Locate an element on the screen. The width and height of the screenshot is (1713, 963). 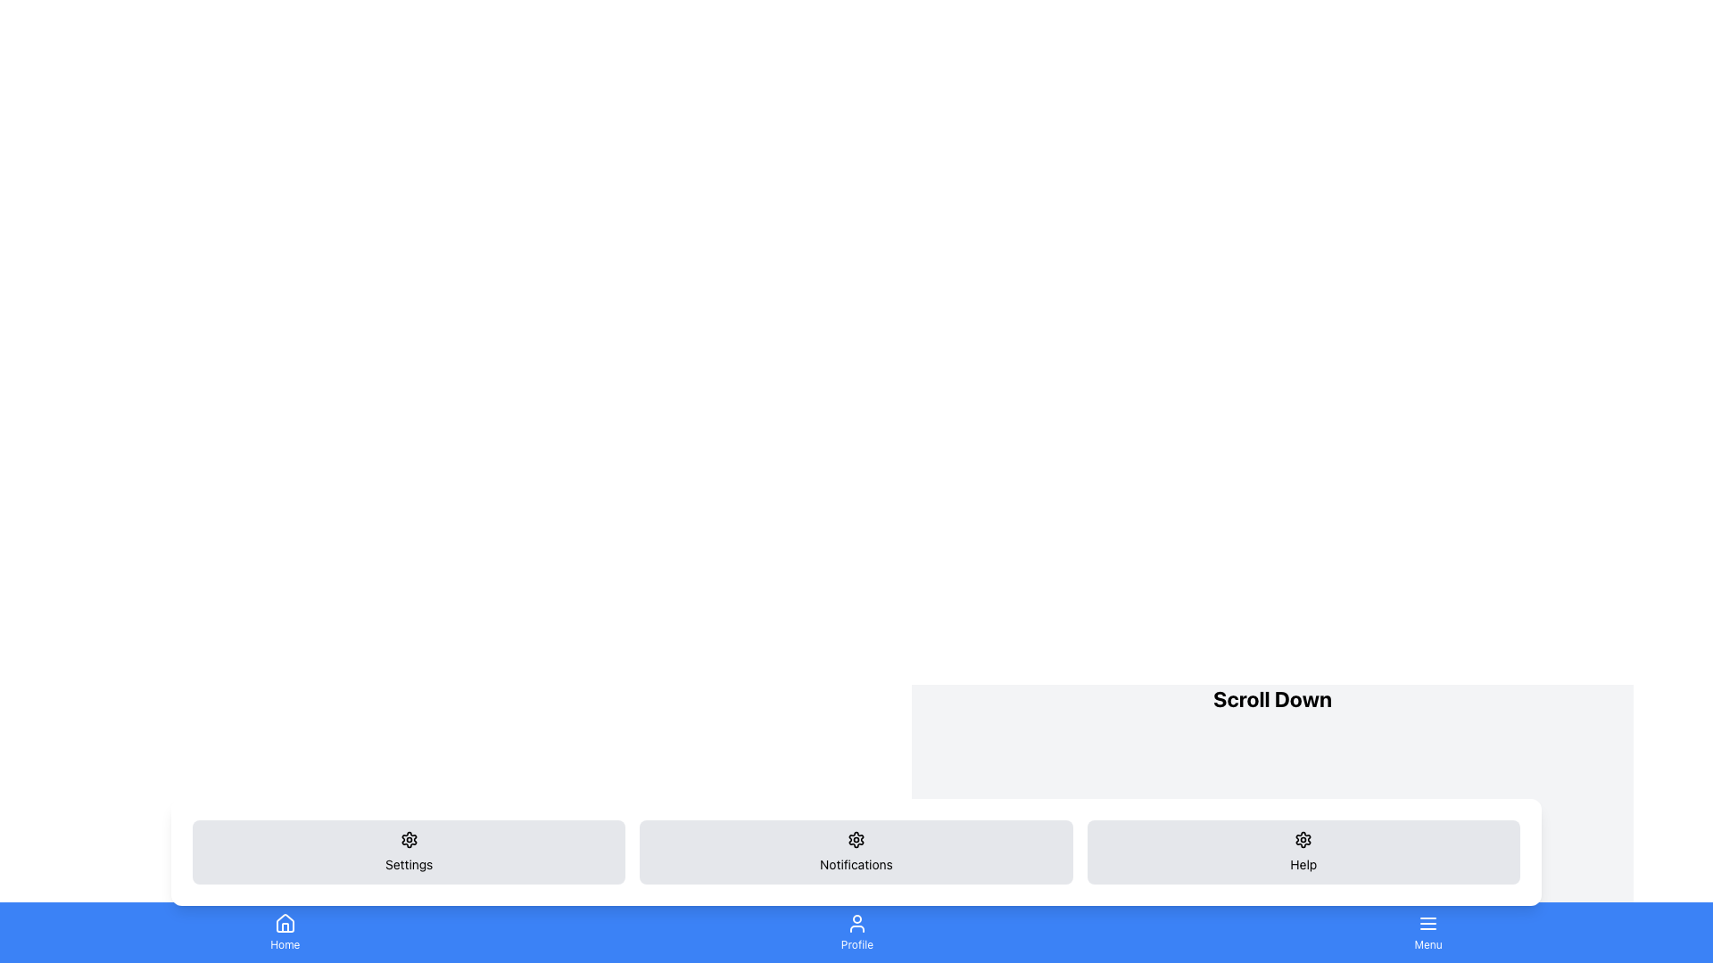
the cogwheel icon located within the 'Settings' button in the bottom bar, second slot from the left is located at coordinates (408, 839).